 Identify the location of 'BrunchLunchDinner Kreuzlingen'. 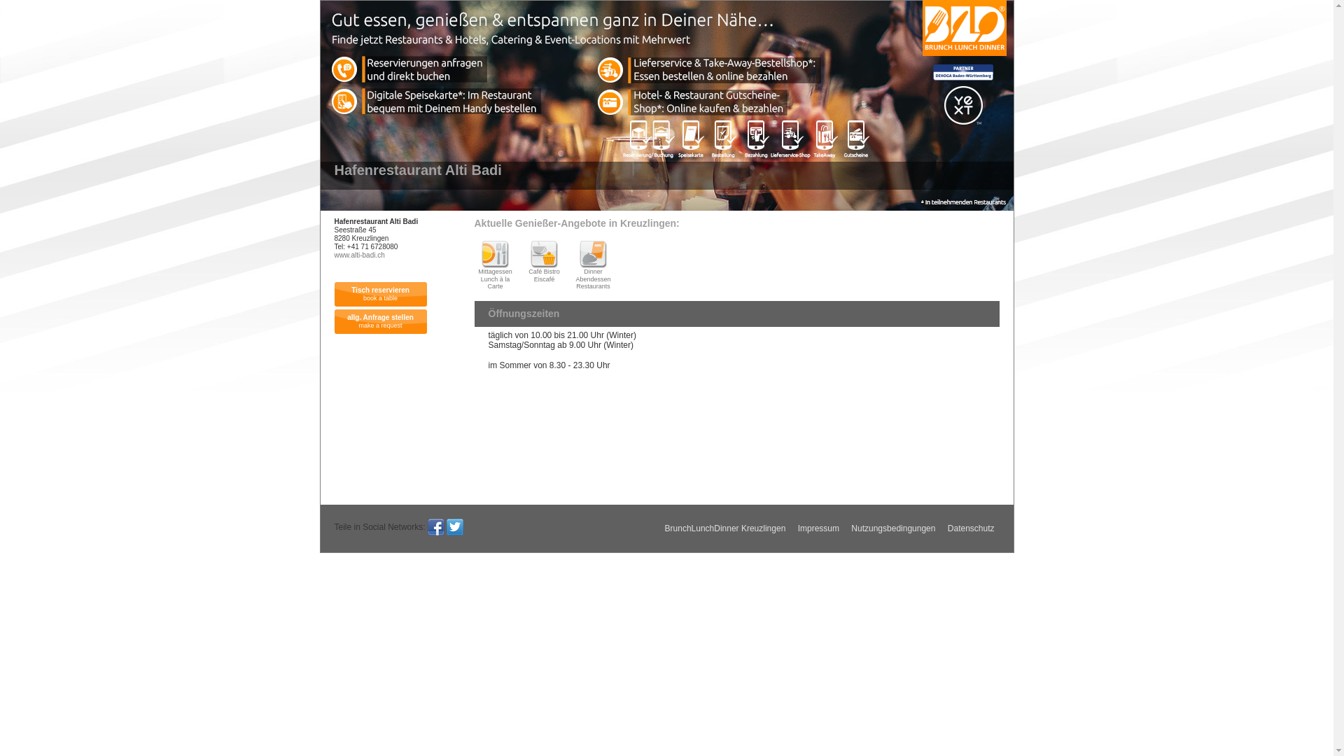
(725, 528).